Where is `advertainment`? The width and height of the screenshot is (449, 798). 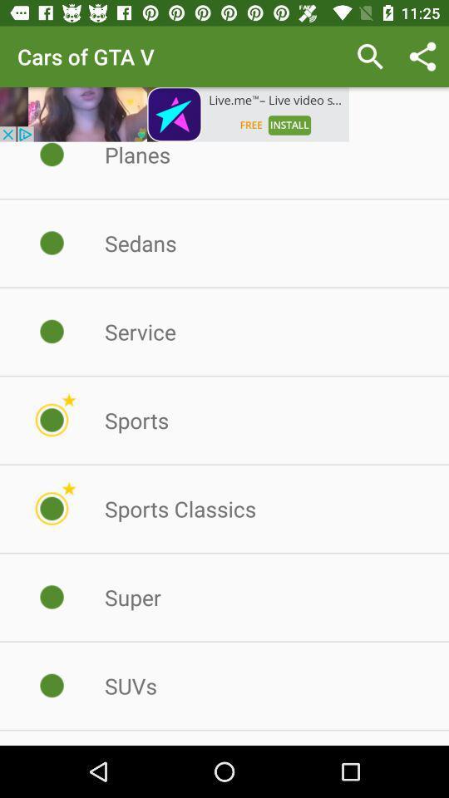 advertainment is located at coordinates (174, 113).